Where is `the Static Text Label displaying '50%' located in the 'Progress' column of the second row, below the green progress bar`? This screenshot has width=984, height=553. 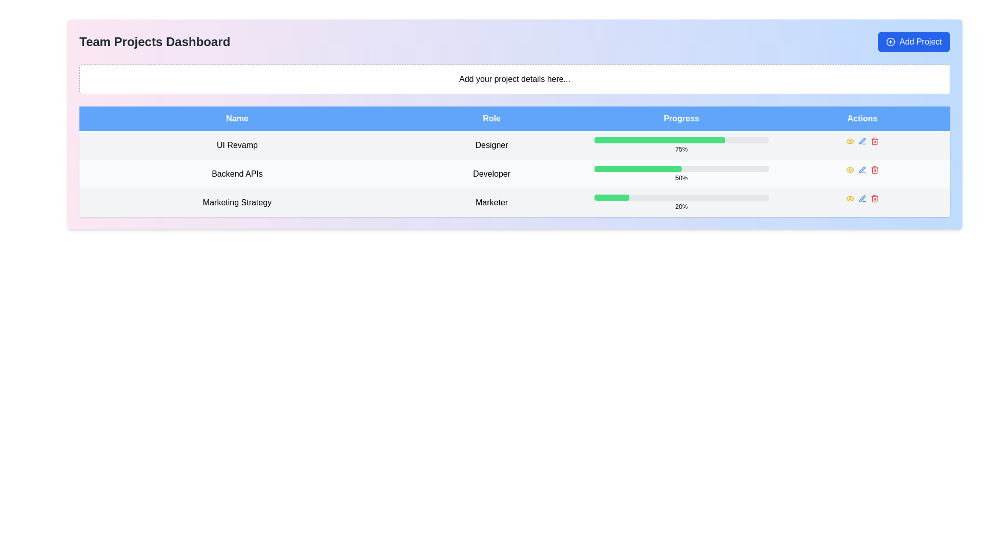
the Static Text Label displaying '50%' located in the 'Progress' column of the second row, below the green progress bar is located at coordinates (681, 177).